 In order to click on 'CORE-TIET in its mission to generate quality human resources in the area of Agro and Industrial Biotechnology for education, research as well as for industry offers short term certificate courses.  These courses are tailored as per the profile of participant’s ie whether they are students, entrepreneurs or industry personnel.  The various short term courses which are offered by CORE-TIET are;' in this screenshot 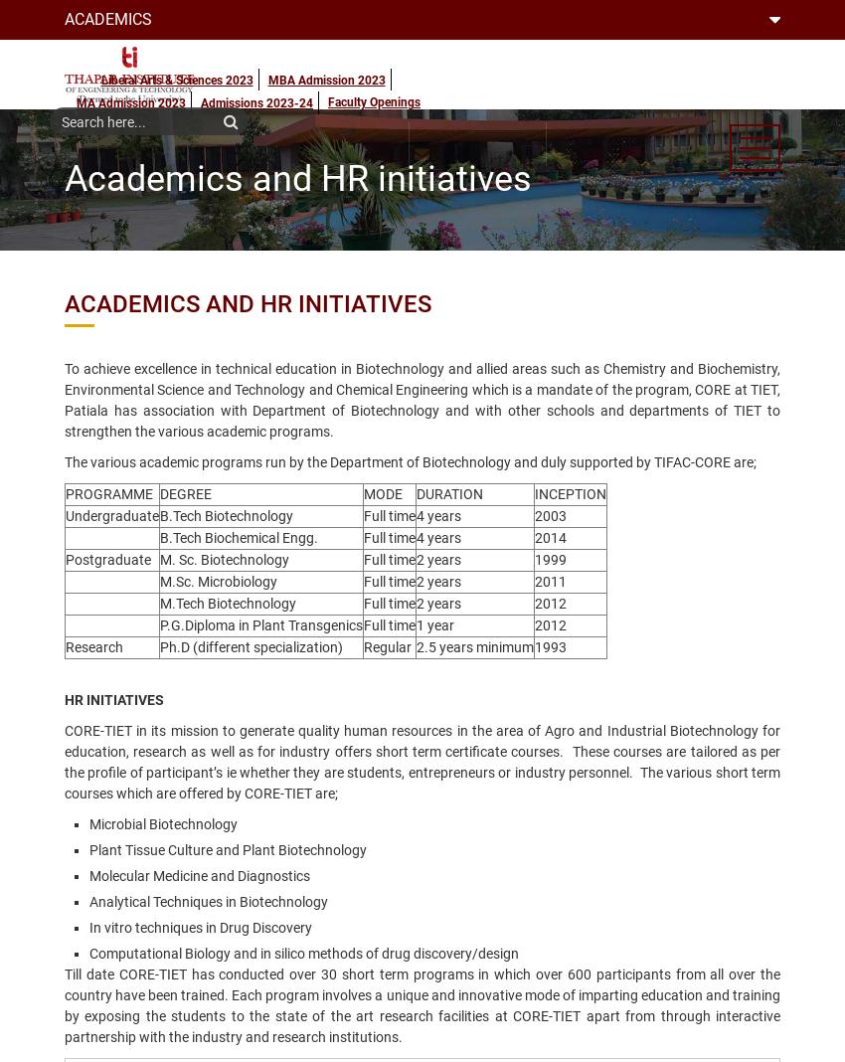, I will do `click(422, 762)`.